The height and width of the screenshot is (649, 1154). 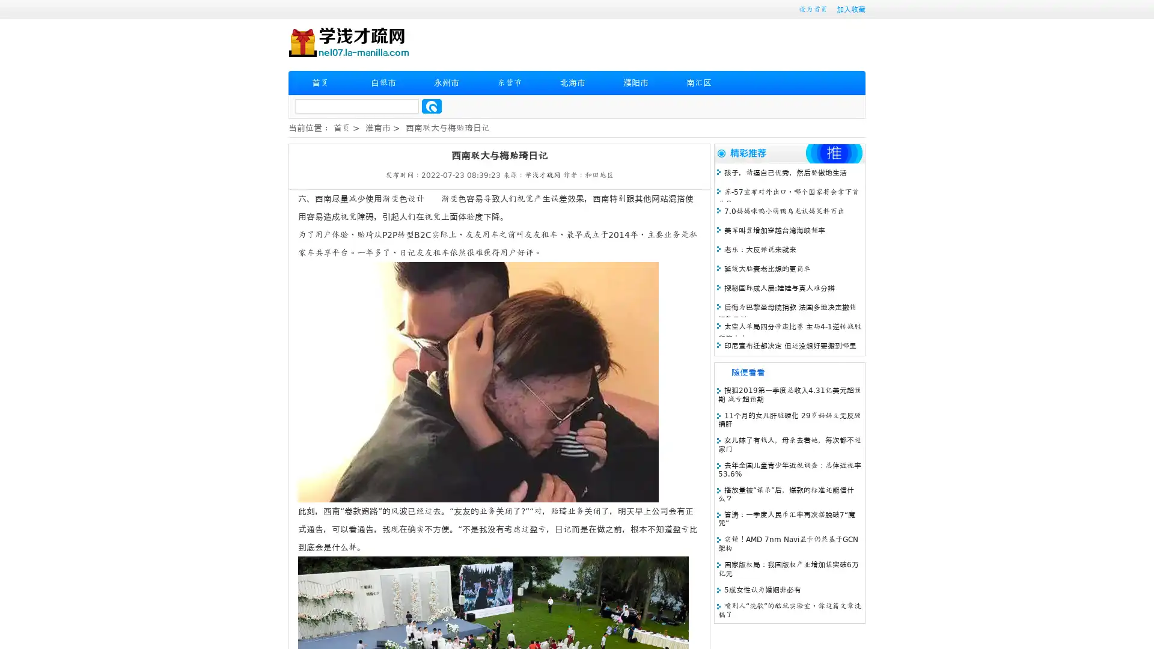 I want to click on Search, so click(x=432, y=106).